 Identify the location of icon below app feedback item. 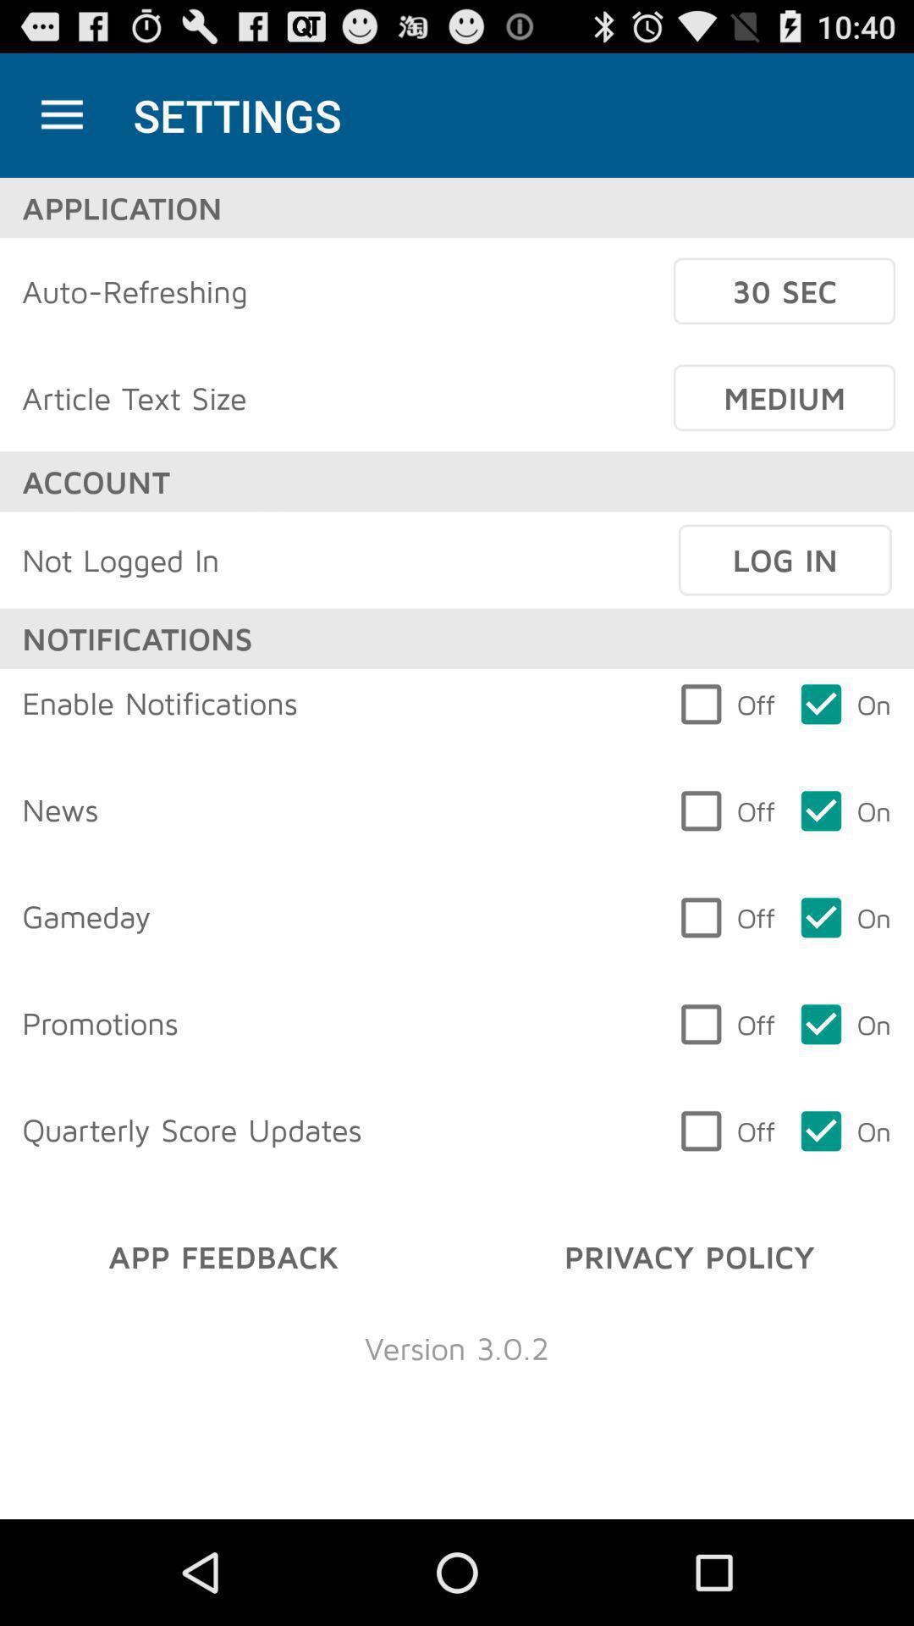
(457, 1347).